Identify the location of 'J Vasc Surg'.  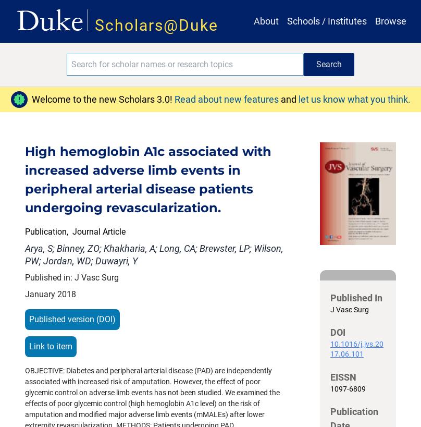
(349, 309).